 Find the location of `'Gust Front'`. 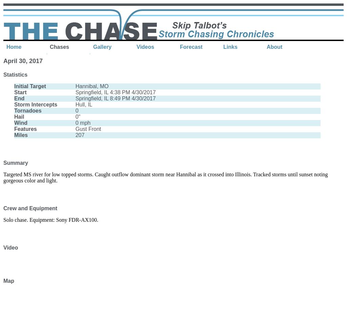

'Gust Front' is located at coordinates (75, 129).